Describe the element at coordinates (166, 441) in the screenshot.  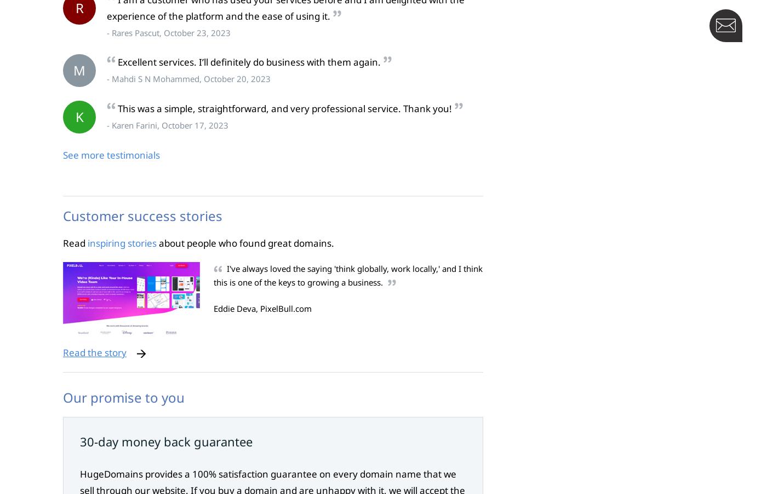
I see `'30-day money back guarantee'` at that location.